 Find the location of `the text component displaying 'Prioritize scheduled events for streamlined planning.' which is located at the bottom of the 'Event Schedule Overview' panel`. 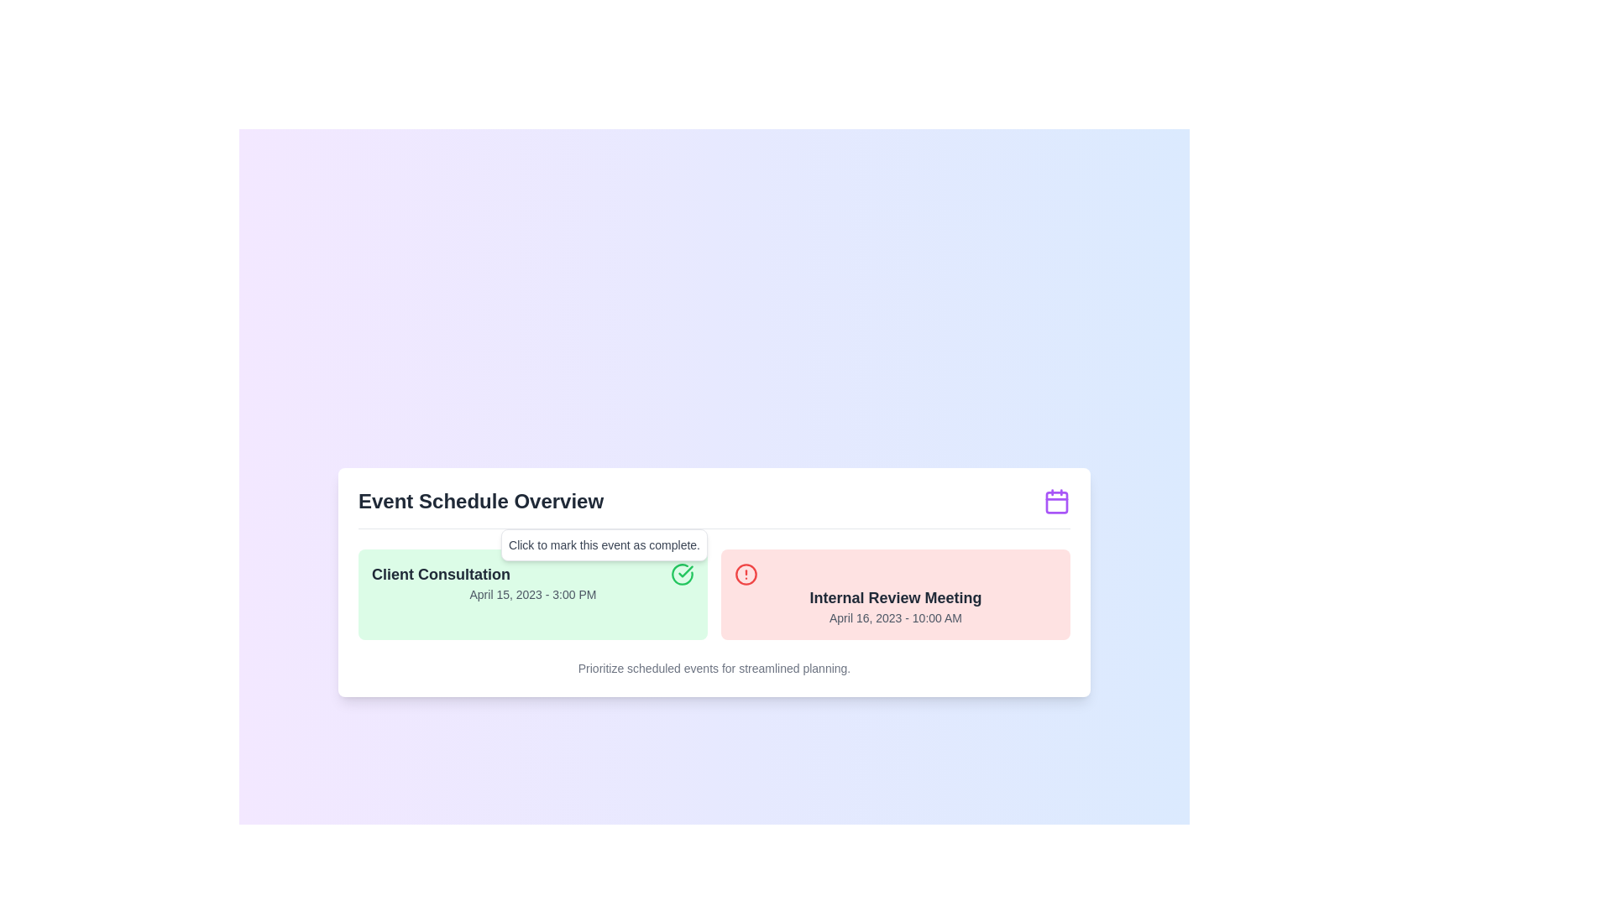

the text component displaying 'Prioritize scheduled events for streamlined planning.' which is located at the bottom of the 'Event Schedule Overview' panel is located at coordinates (714, 667).